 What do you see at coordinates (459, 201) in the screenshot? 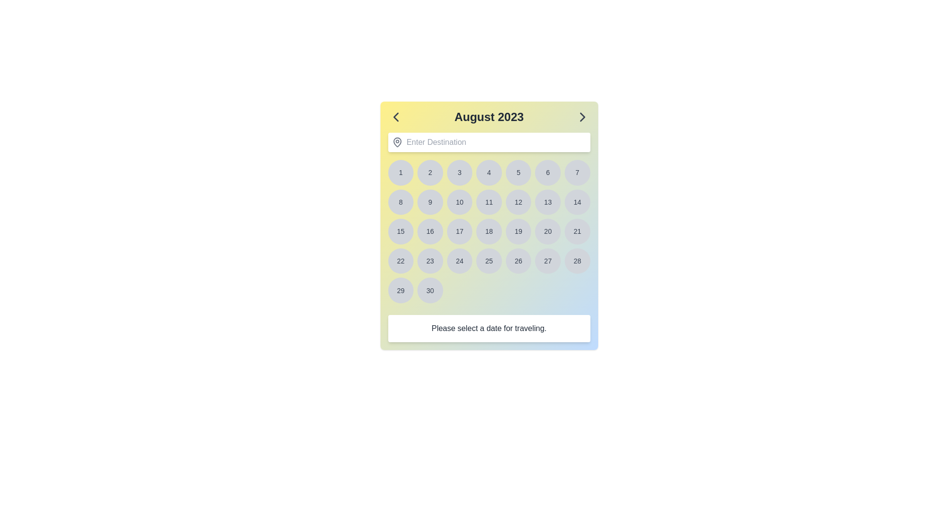
I see `the circular button containing the number '10', which has a gray background and dark text` at bounding box center [459, 201].